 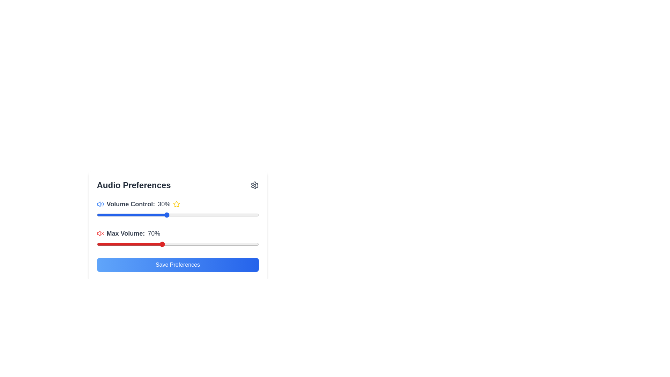 I want to click on the star-shaped icon used for rating or highlighting, located to the right of the 'Volume Control: 30%' text and below the 'Max Volume' slider, so click(x=177, y=204).